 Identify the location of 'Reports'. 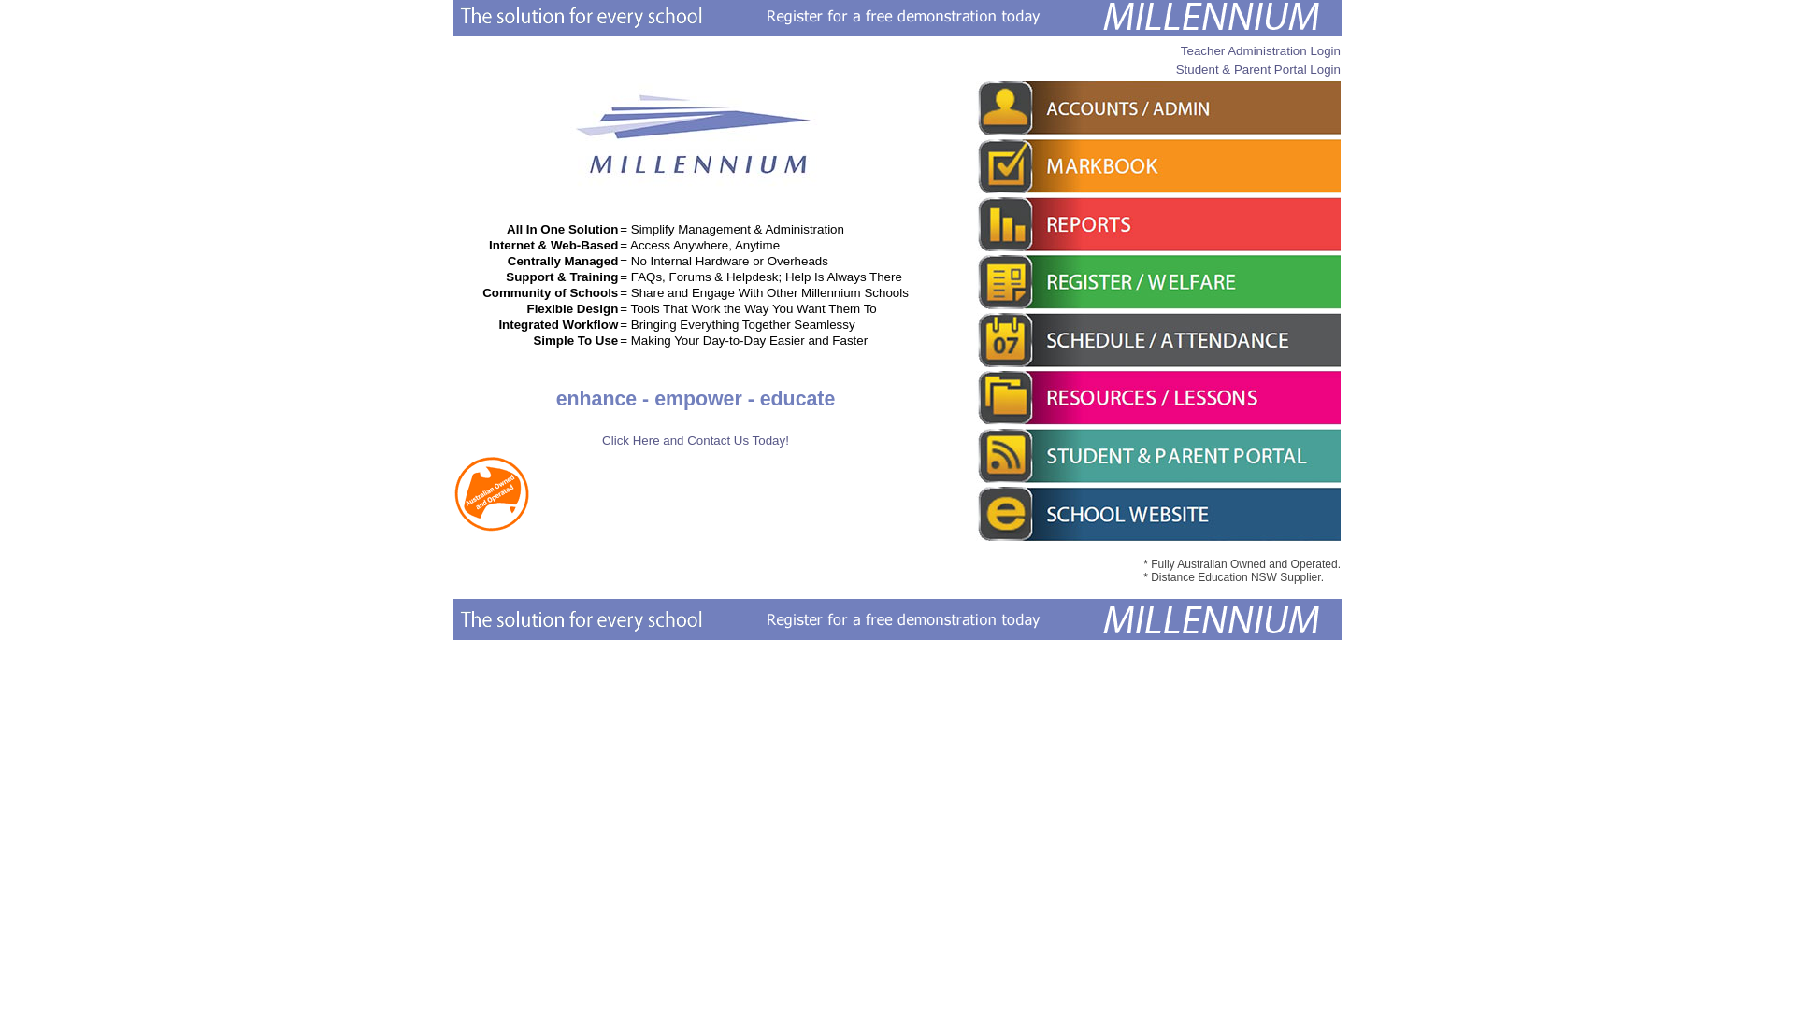
(1156, 222).